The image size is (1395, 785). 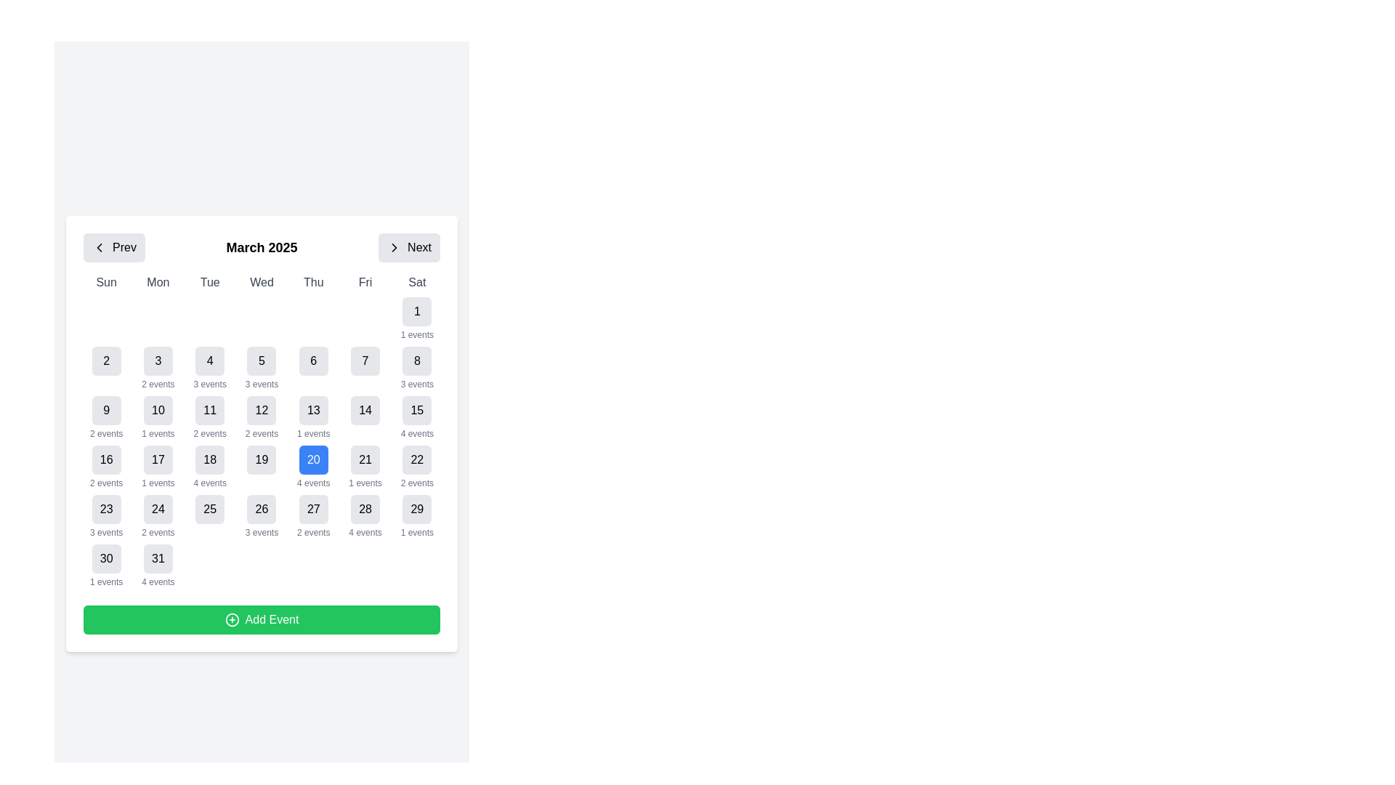 What do you see at coordinates (209, 459) in the screenshot?
I see `the clickable button representing the calendar date '18'` at bounding box center [209, 459].